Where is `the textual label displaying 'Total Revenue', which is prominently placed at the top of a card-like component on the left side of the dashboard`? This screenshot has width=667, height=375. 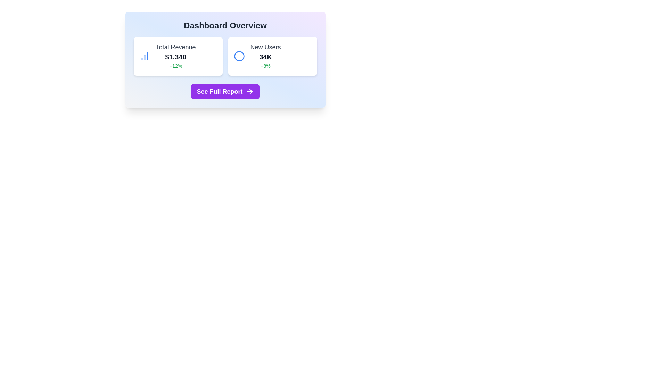
the textual label displaying 'Total Revenue', which is prominently placed at the top of a card-like component on the left side of the dashboard is located at coordinates (176, 47).